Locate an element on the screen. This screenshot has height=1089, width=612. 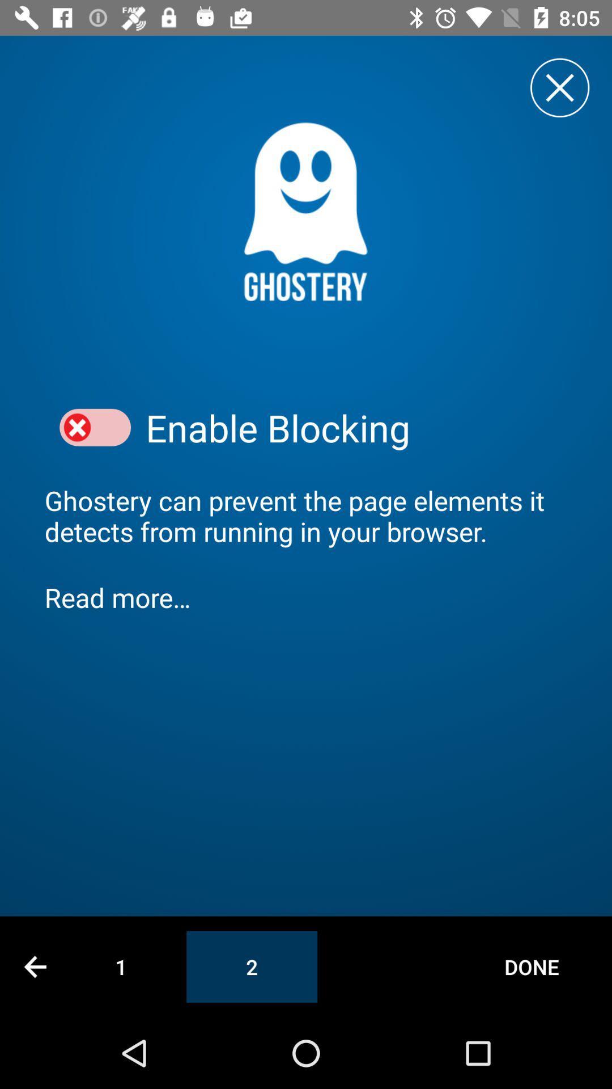
item next to the 1 is located at coordinates (35, 966).